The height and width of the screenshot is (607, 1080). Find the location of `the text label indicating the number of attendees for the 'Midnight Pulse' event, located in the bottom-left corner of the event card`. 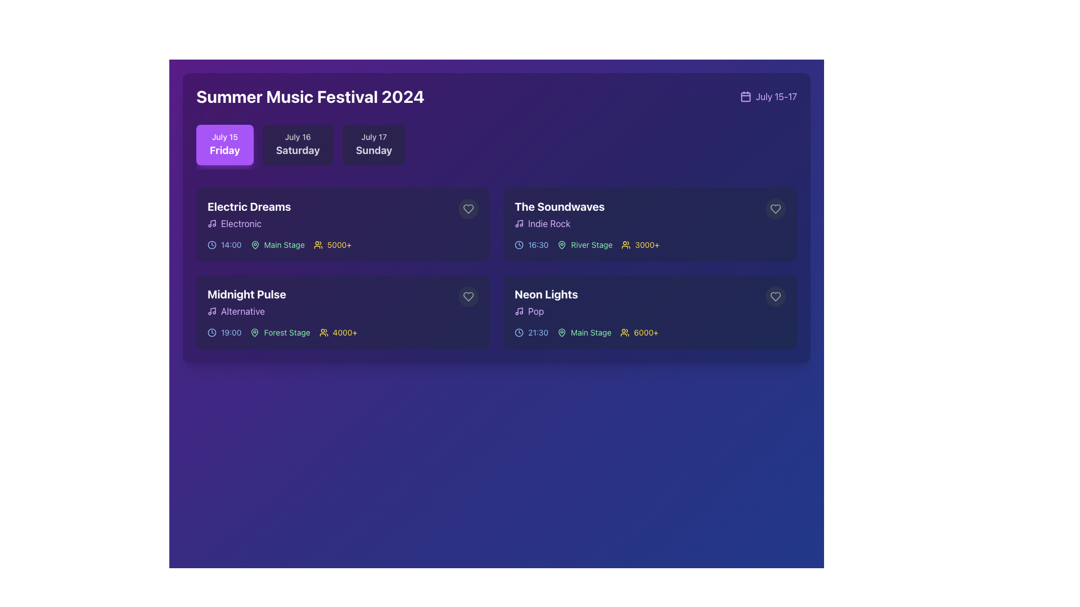

the text label indicating the number of attendees for the 'Midnight Pulse' event, located in the bottom-left corner of the event card is located at coordinates (344, 332).